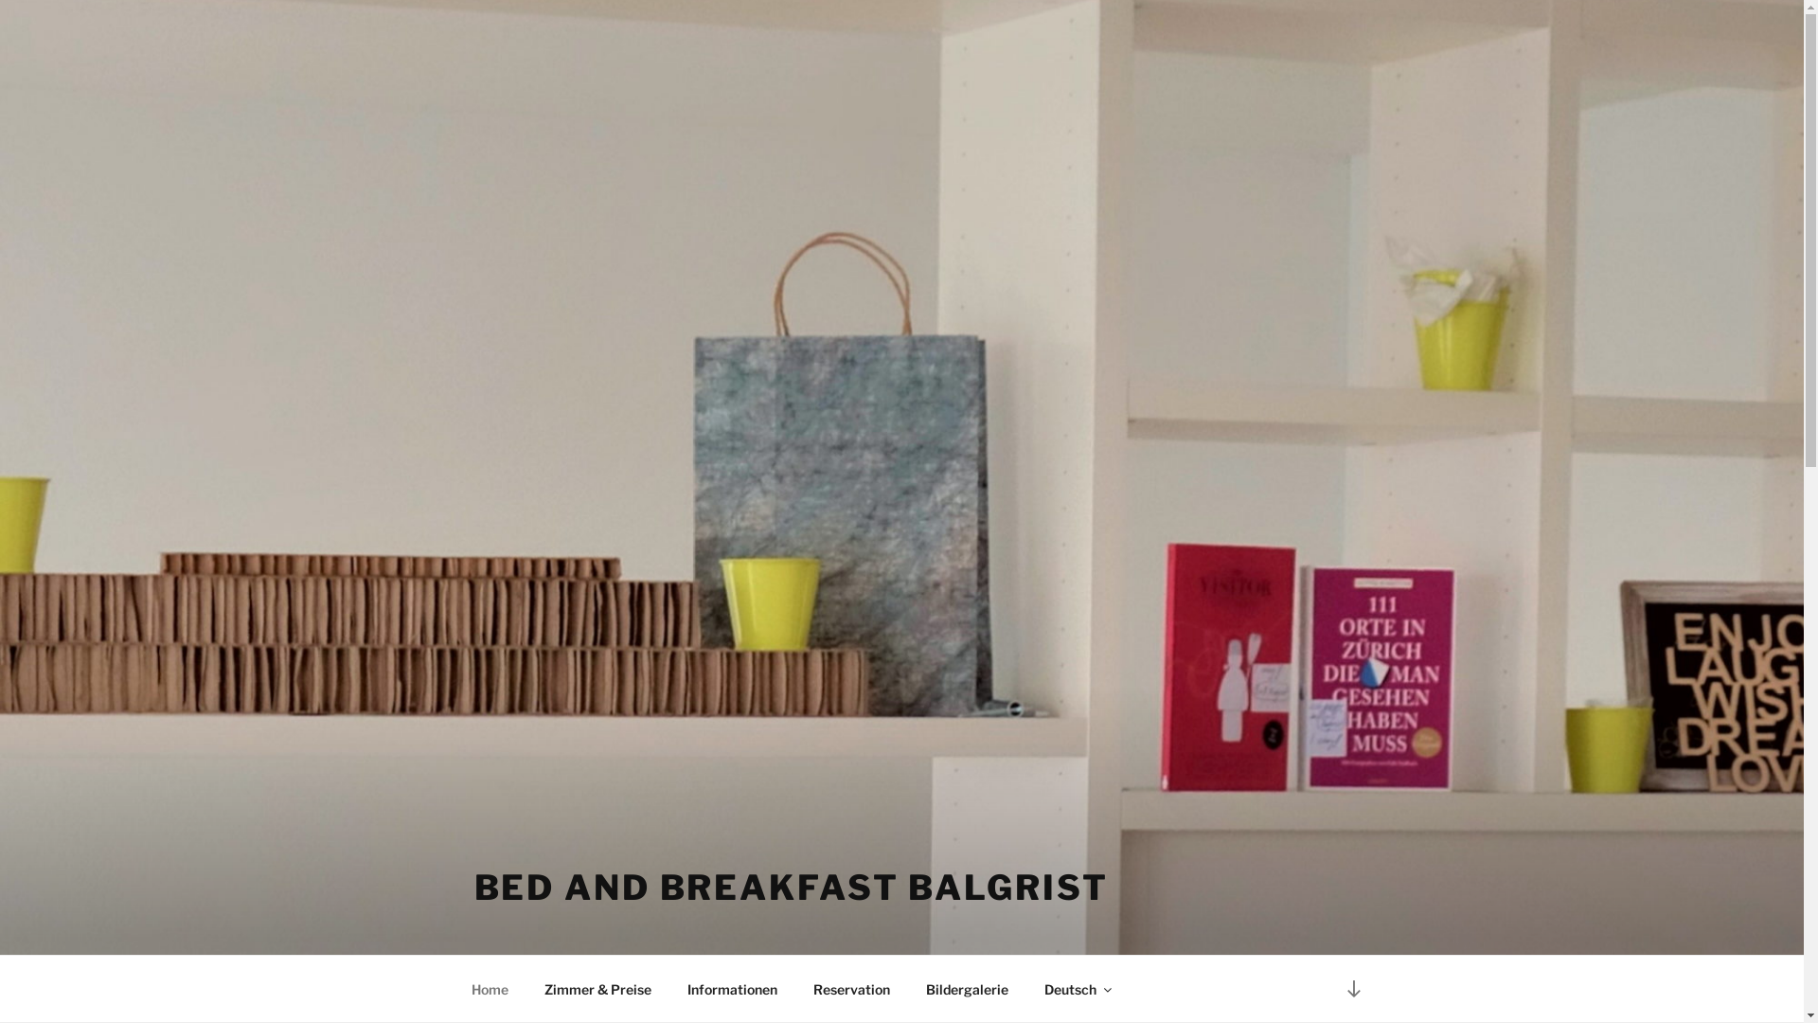 The image size is (1818, 1023). I want to click on 'Zimmer & Preise', so click(597, 988).